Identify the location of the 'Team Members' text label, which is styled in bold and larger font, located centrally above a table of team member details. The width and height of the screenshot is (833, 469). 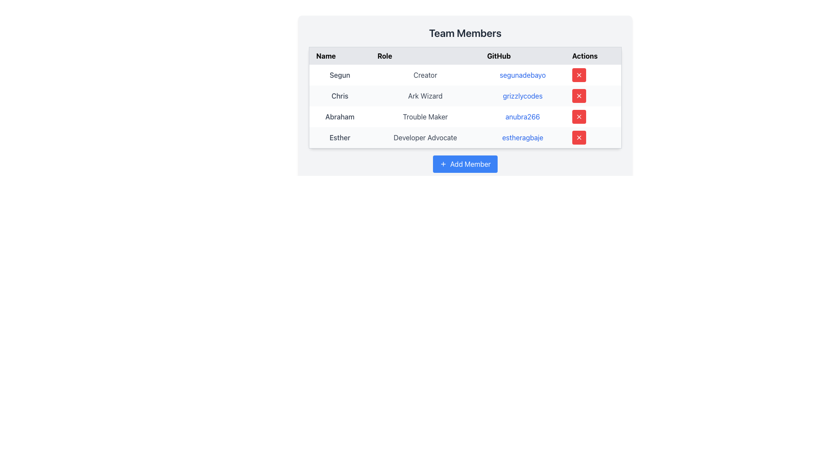
(465, 33).